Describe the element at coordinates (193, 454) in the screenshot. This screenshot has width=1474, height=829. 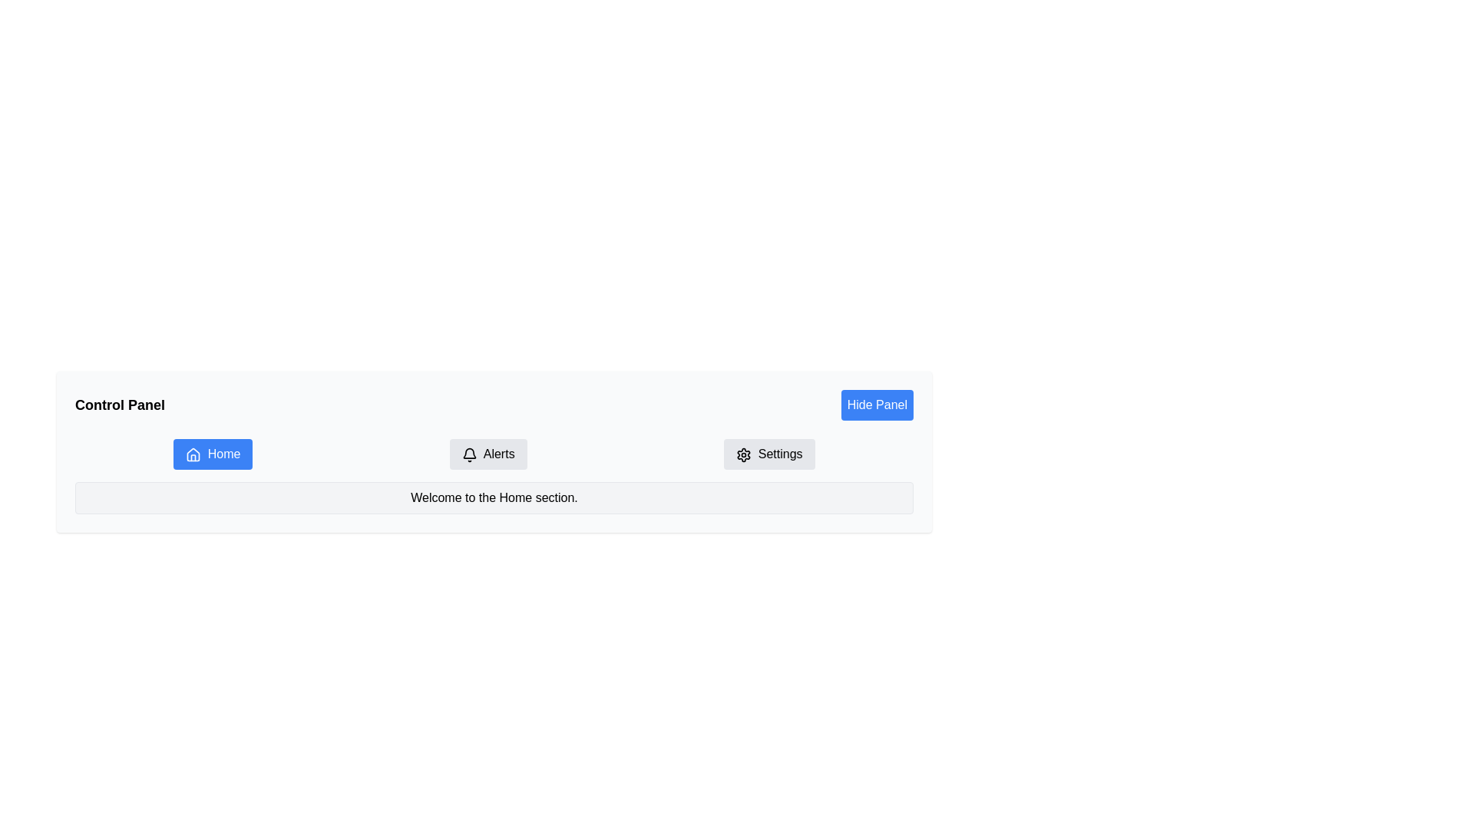
I see `the house-shaped icon located on the left side of the navigation area` at that location.